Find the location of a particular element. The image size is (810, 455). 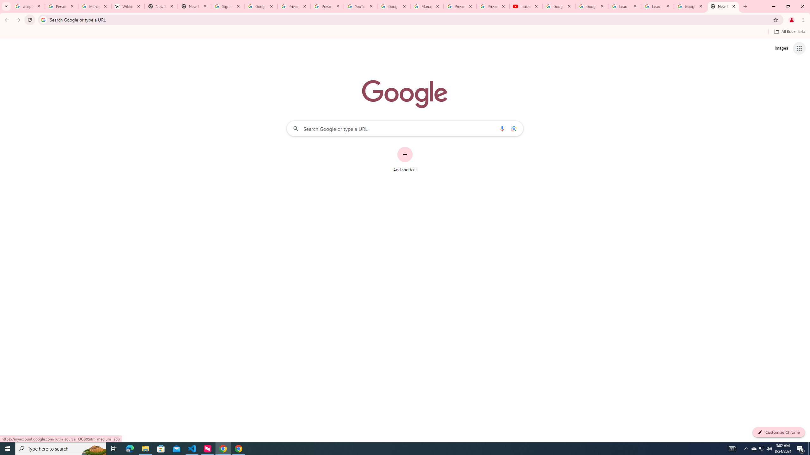

'Sign in - Google Accounts' is located at coordinates (227, 6).